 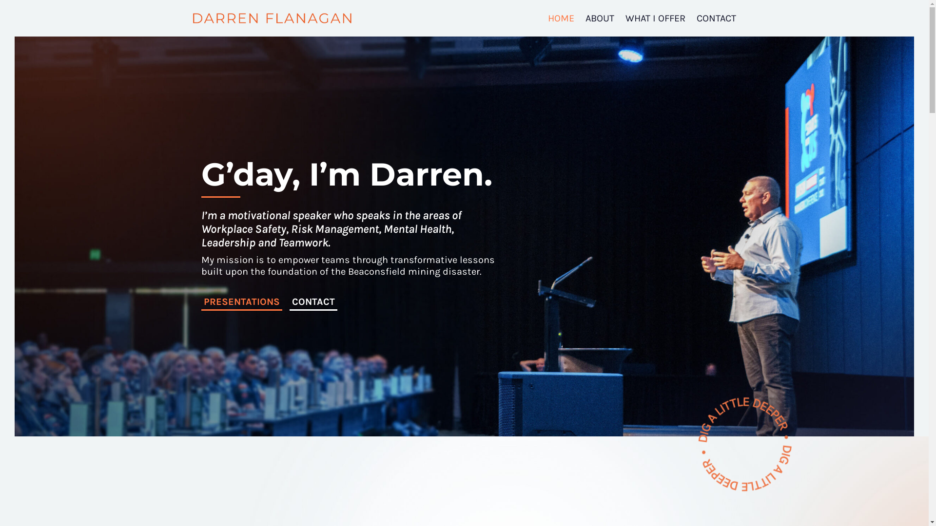 I want to click on 'WHAT I OFFER', so click(x=655, y=19).